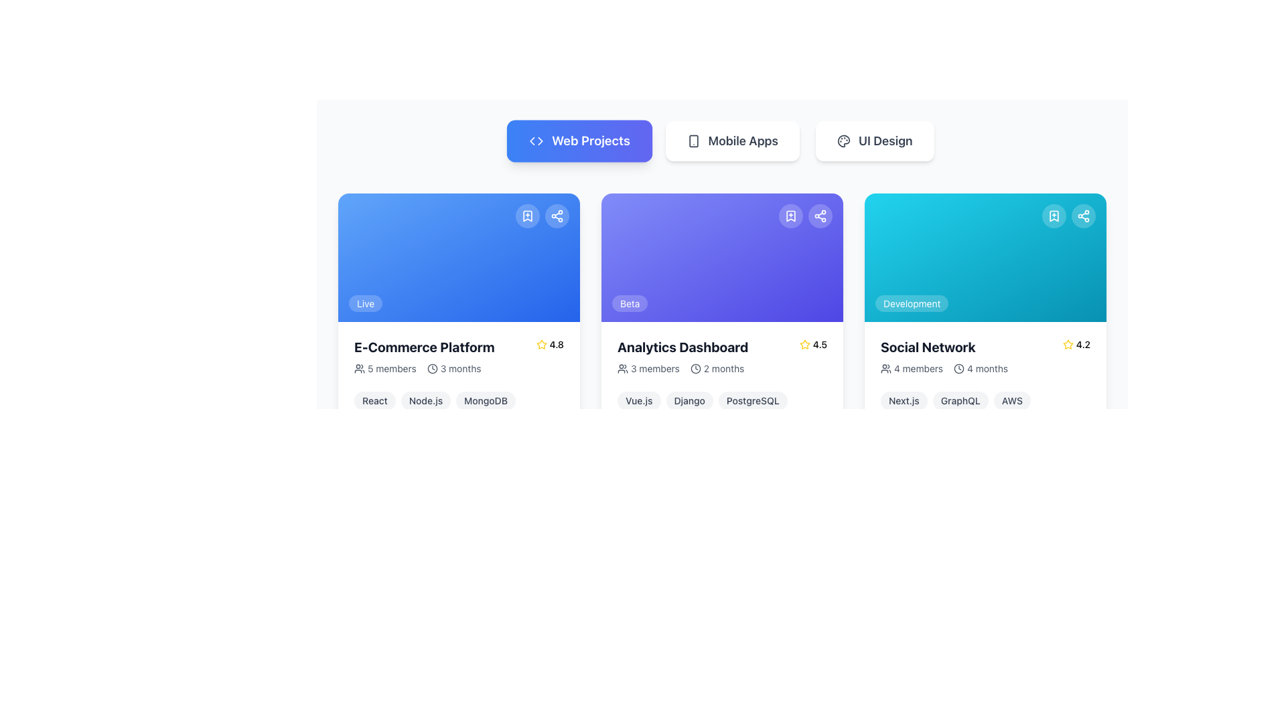  I want to click on text label '4 members' which is located below the title of the 'Social Network' card in the third column of the layout, so click(911, 369).